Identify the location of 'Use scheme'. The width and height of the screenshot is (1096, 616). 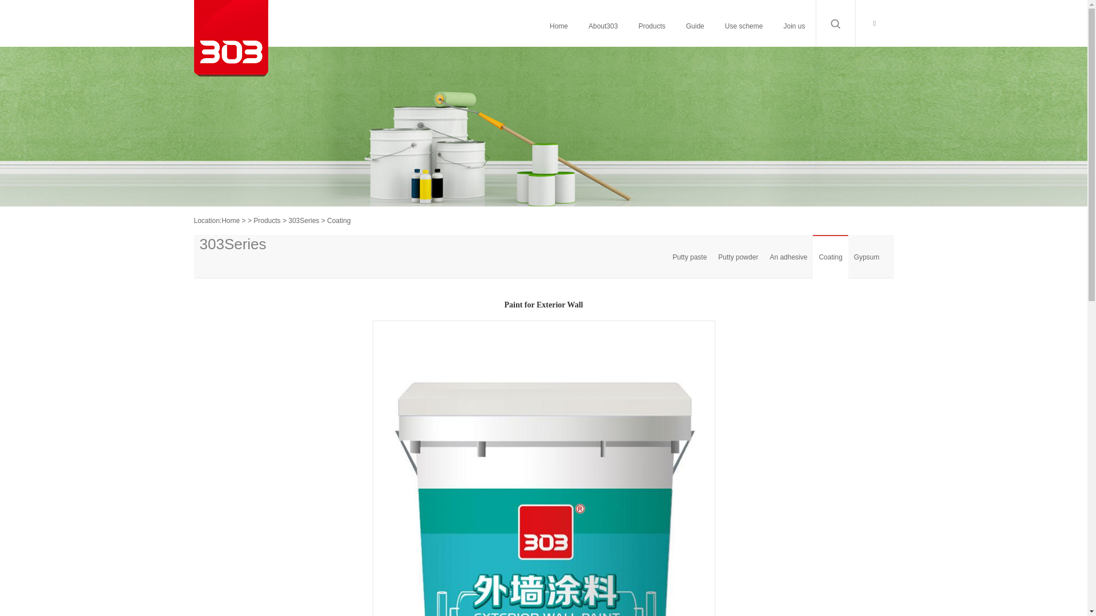
(744, 26).